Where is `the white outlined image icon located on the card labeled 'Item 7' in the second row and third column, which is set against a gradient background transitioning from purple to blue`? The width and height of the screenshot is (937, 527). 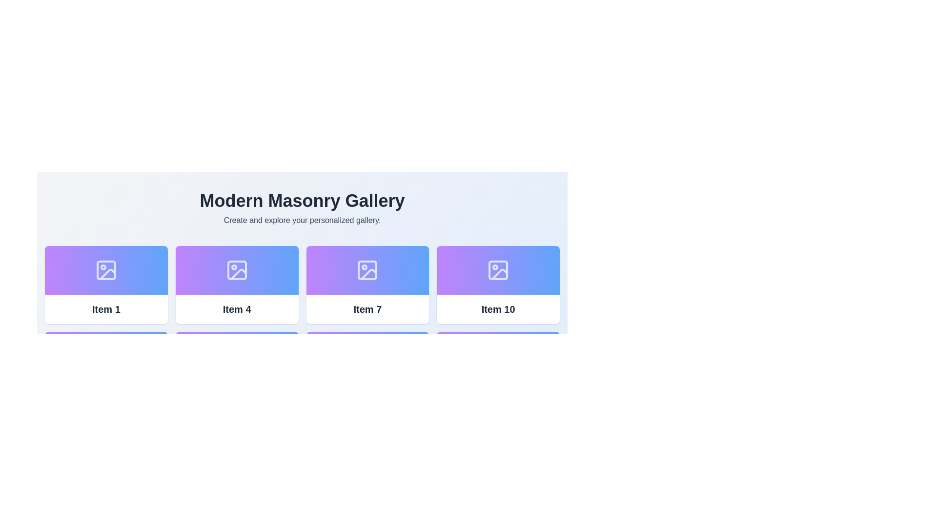
the white outlined image icon located on the card labeled 'Item 7' in the second row and third column, which is set against a gradient background transitioning from purple to blue is located at coordinates (367, 270).